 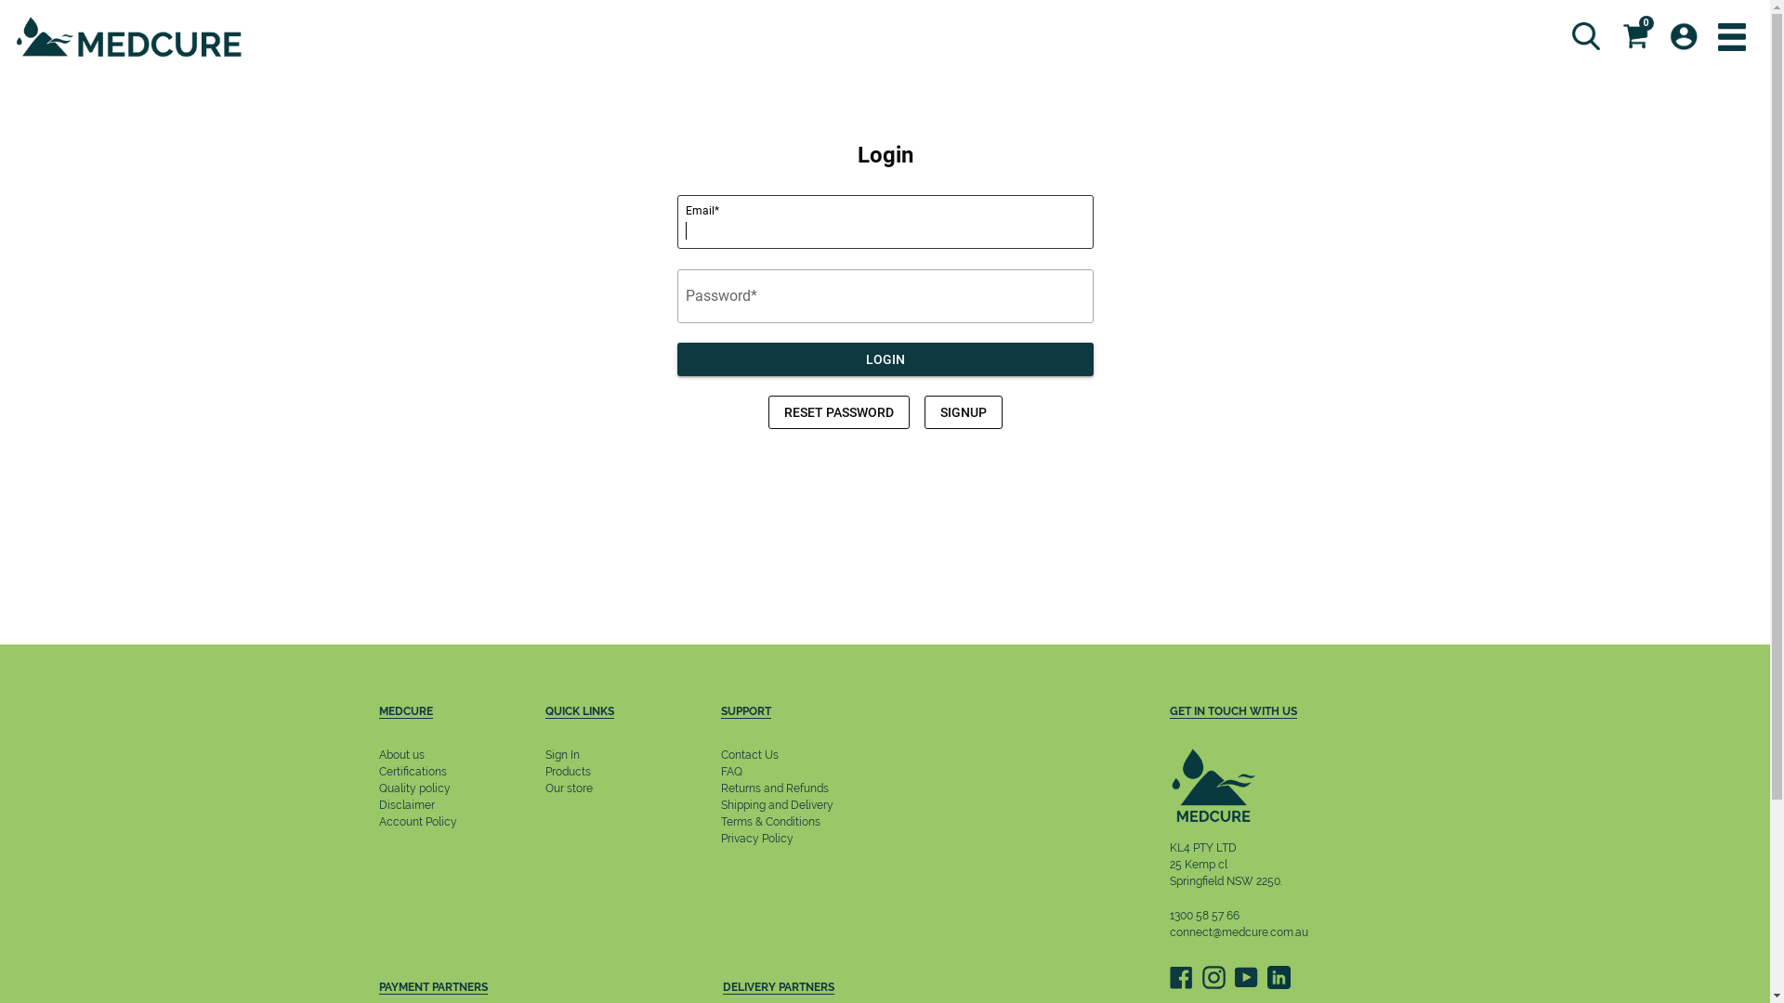 I want to click on 'Quality policy', so click(x=413, y=788).